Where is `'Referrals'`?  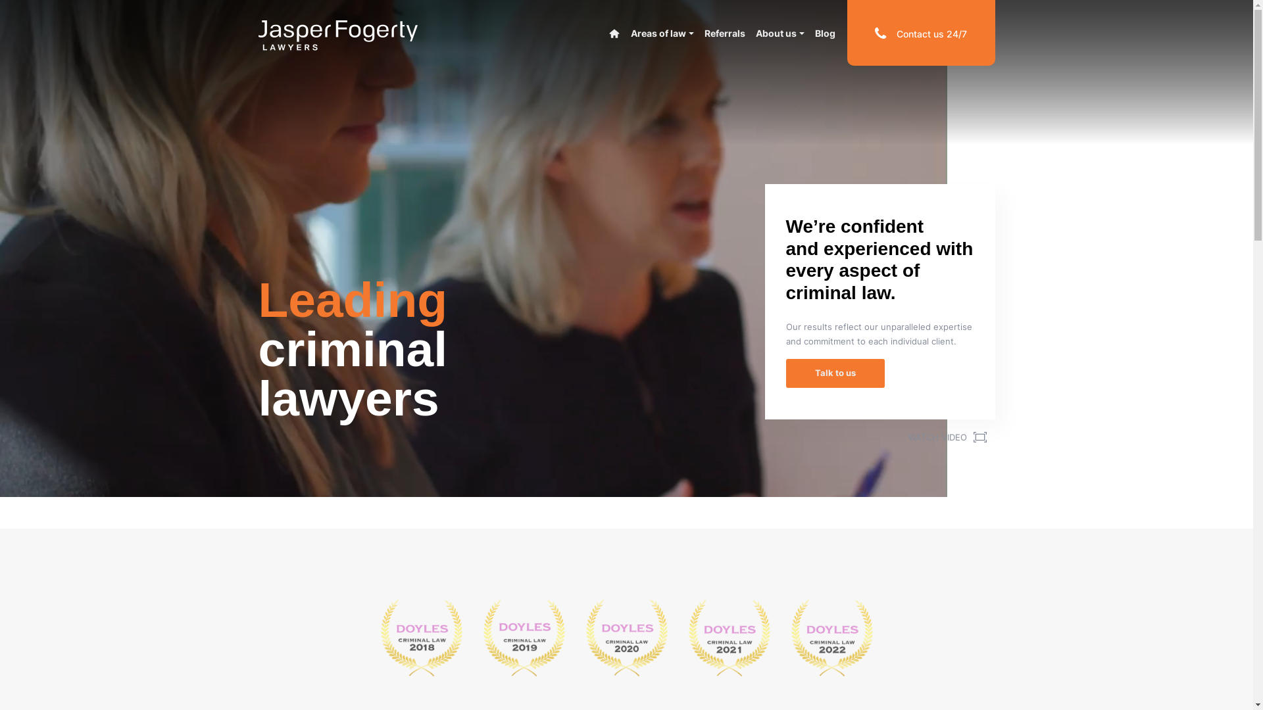
'Referrals' is located at coordinates (724, 32).